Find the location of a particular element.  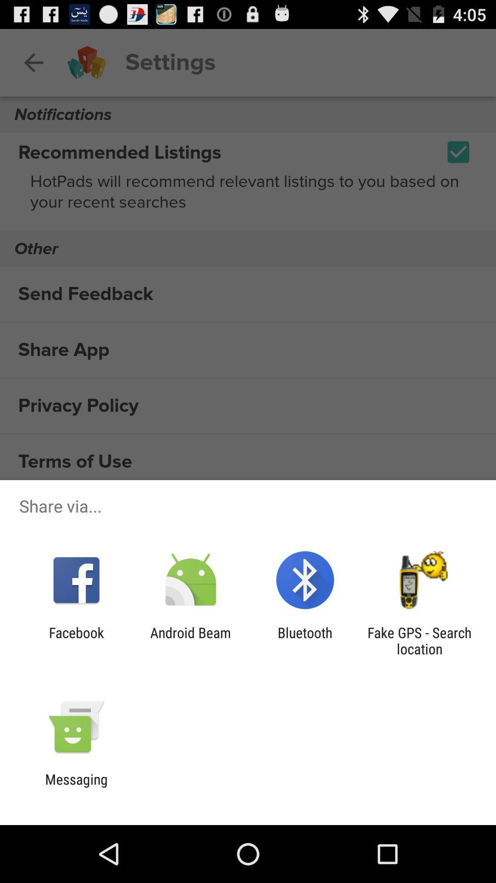

app to the left of fake gps search is located at coordinates (305, 640).